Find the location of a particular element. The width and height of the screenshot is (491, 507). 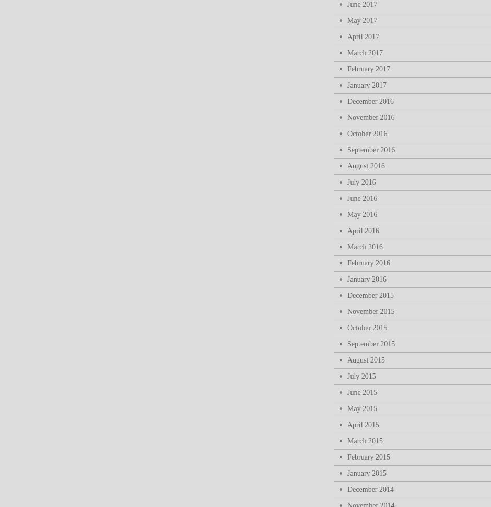

'October 2016' is located at coordinates (367, 134).